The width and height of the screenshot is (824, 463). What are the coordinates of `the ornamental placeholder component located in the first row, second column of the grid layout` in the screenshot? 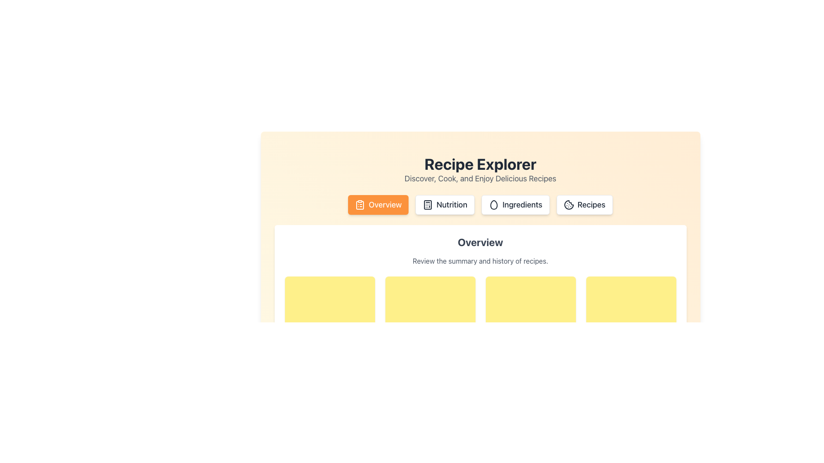 It's located at (430, 321).